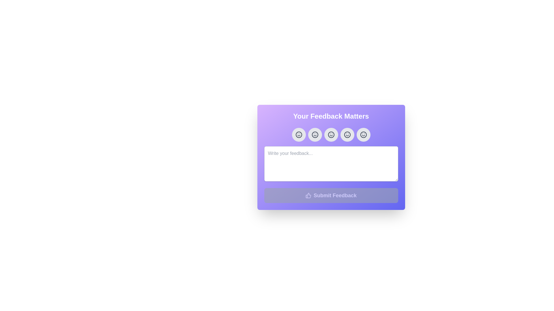  I want to click on the selectable feedback option represented by a circular SVG icon resembling a smiley face, located in the horizontal list of feedback options, so click(299, 134).